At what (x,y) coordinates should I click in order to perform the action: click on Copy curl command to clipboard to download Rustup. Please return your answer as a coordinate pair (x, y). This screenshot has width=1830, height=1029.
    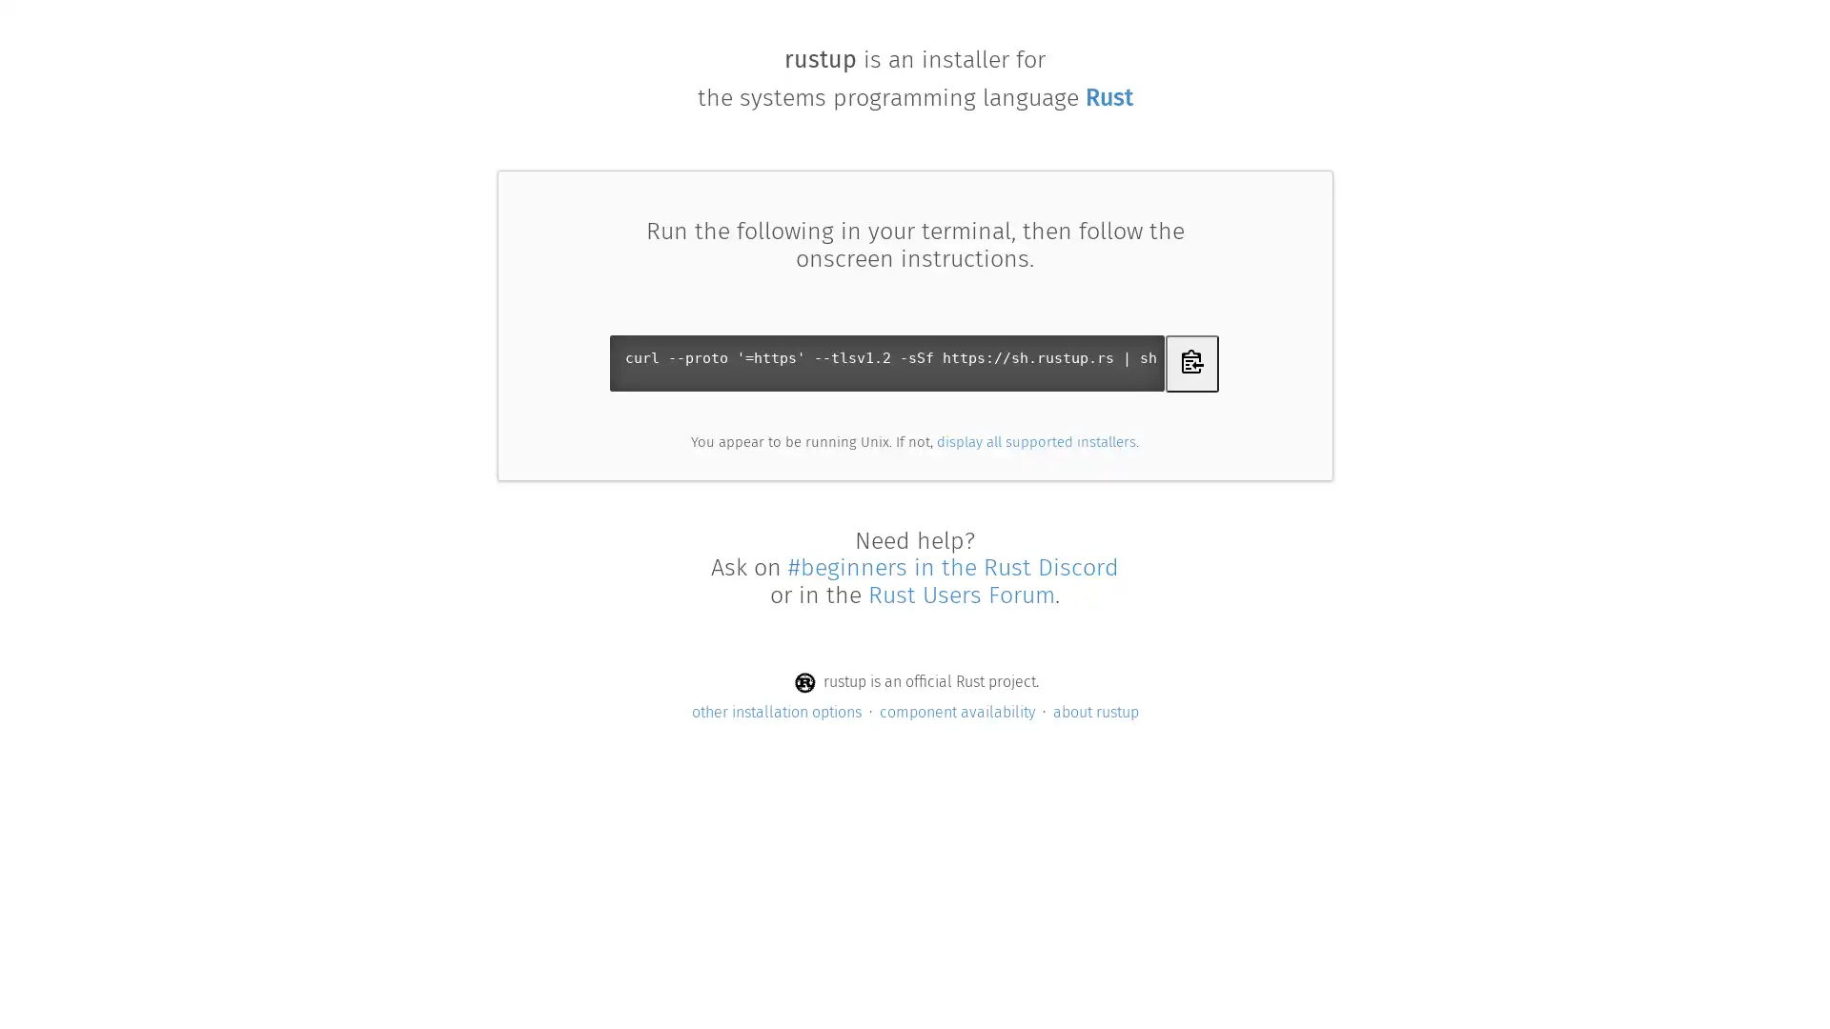
    Looking at the image, I should click on (1191, 363).